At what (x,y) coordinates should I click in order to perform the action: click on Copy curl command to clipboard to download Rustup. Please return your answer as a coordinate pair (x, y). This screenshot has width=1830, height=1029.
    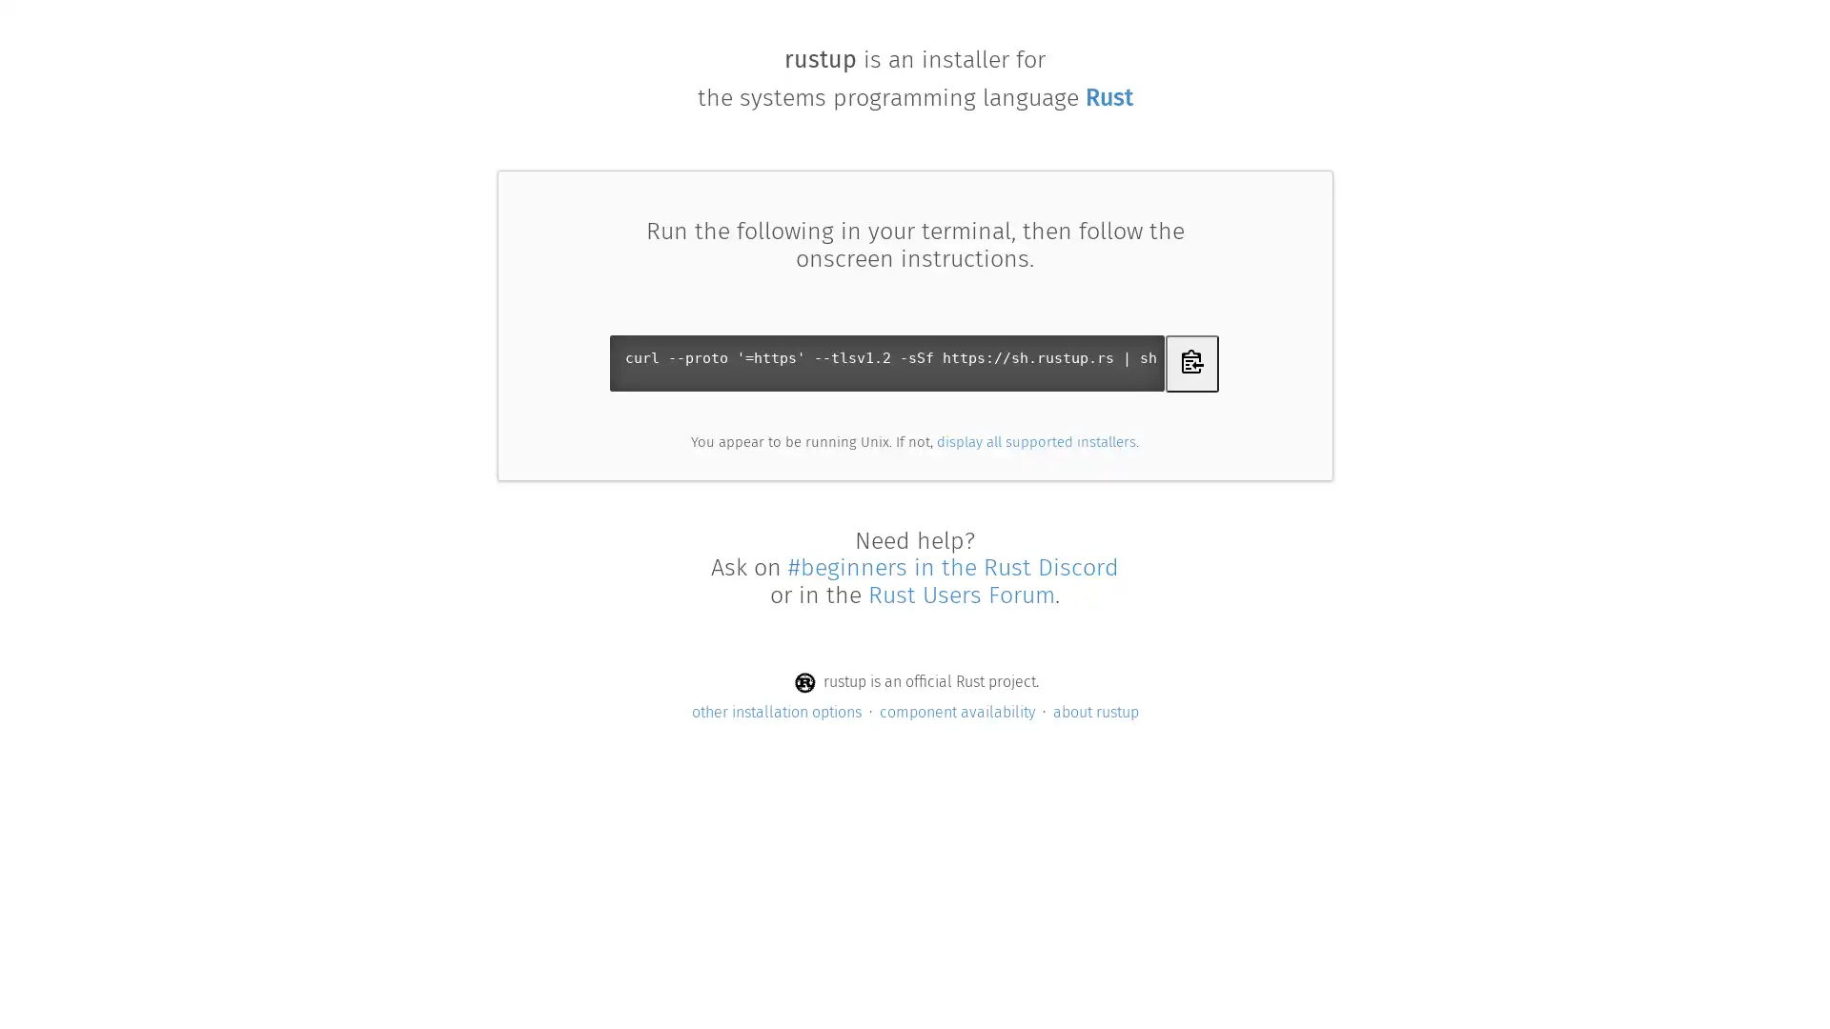
    Looking at the image, I should click on (1191, 363).